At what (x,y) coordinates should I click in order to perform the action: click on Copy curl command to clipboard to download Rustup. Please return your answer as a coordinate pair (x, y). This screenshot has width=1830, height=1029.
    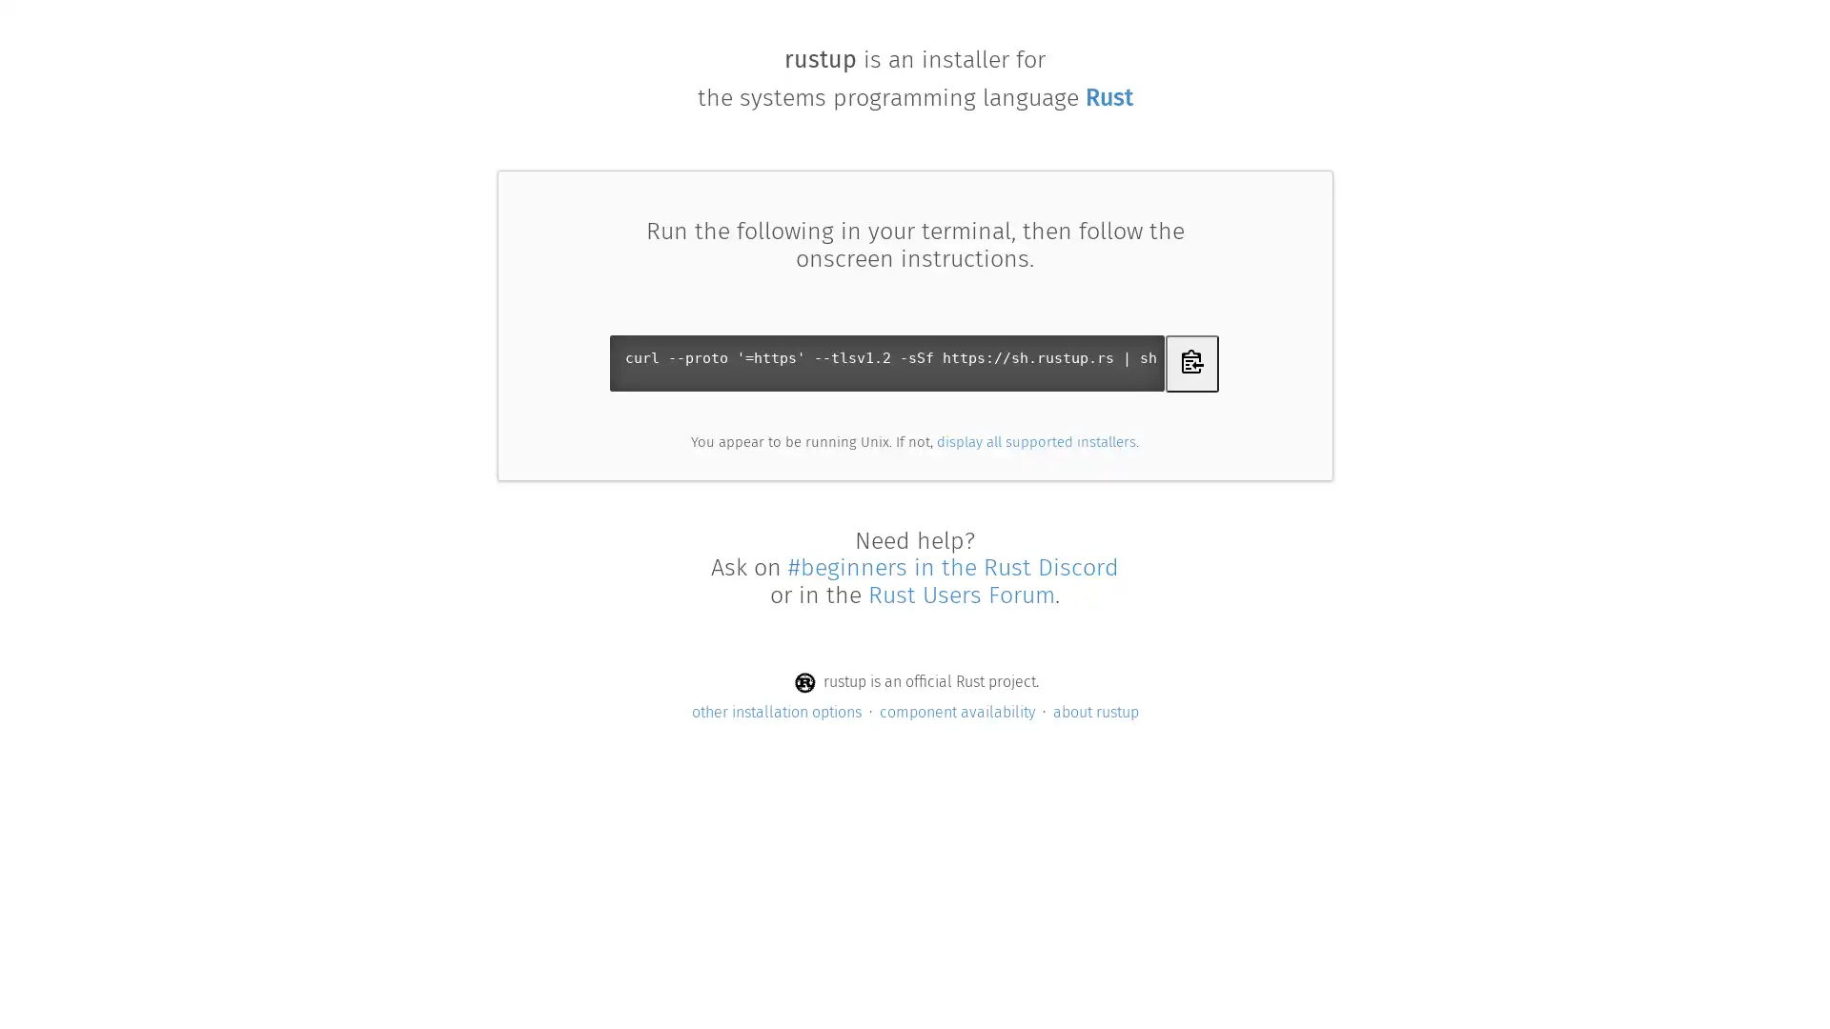
    Looking at the image, I should click on (1191, 363).